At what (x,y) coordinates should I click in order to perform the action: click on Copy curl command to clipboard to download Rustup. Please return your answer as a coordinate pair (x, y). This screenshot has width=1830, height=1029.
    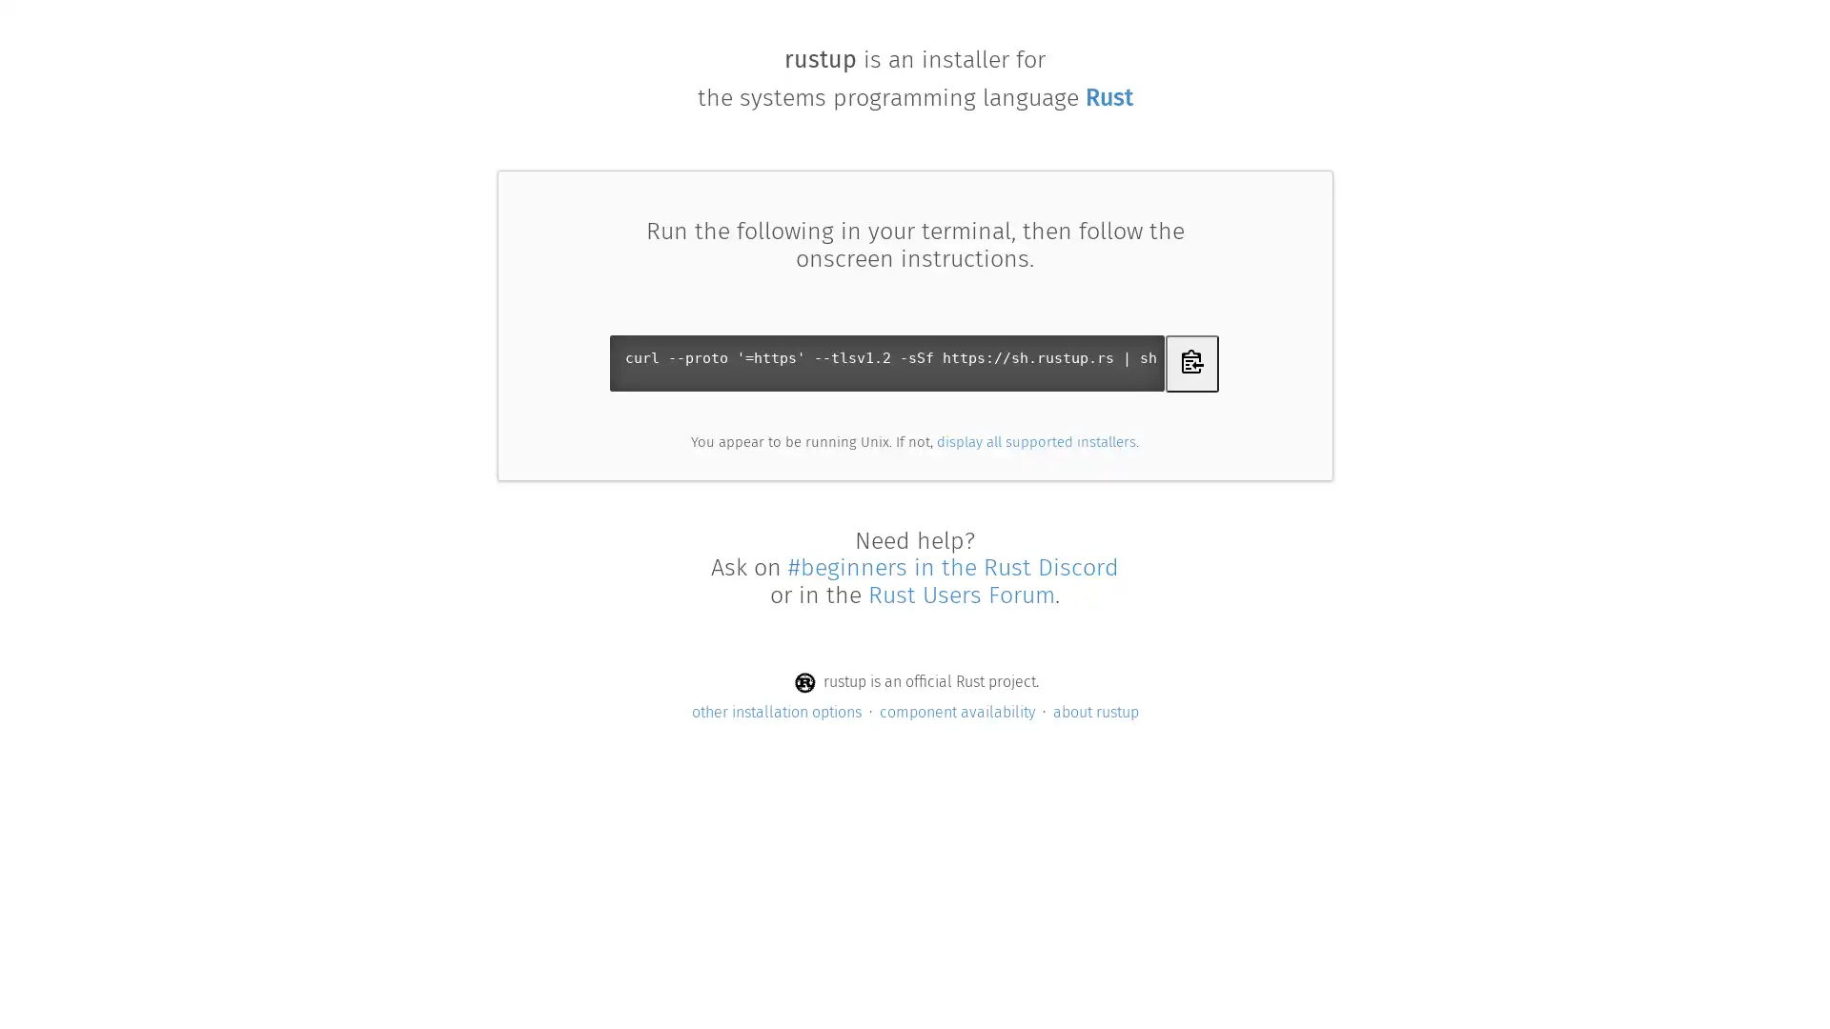
    Looking at the image, I should click on (1191, 363).